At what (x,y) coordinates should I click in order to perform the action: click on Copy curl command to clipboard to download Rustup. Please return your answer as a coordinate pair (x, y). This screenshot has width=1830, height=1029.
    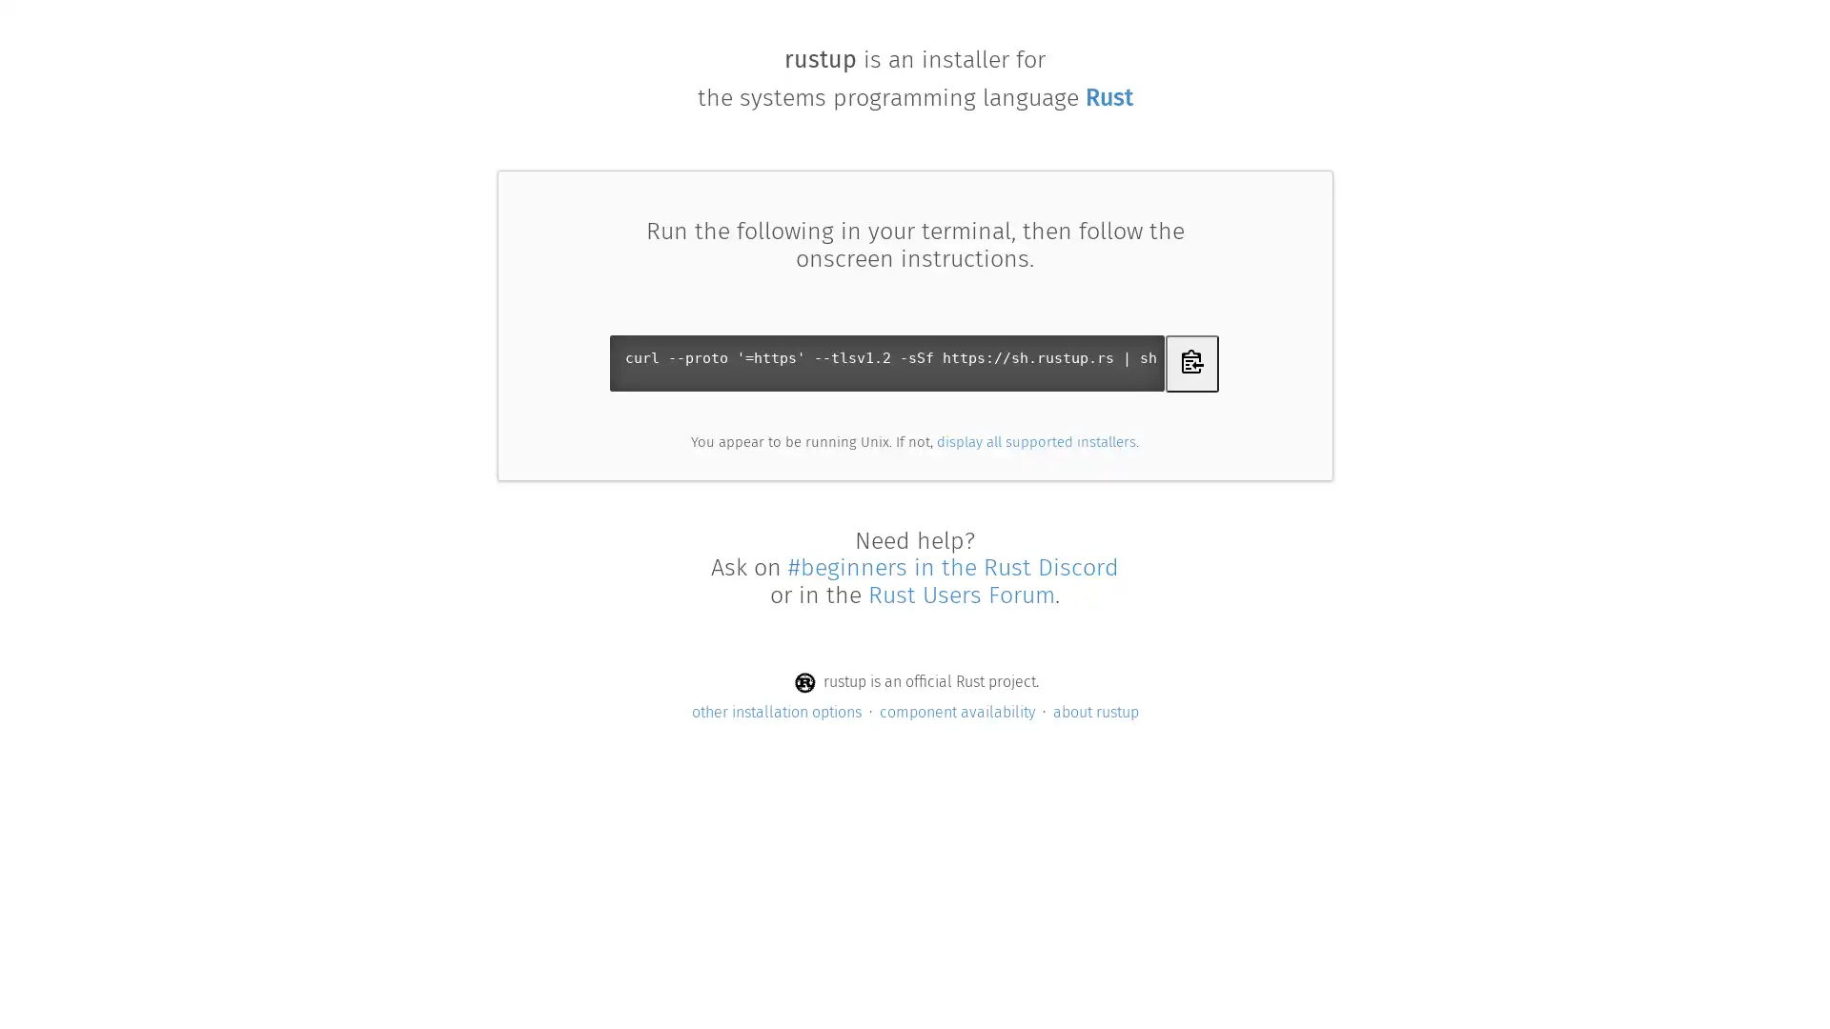
    Looking at the image, I should click on (1191, 363).